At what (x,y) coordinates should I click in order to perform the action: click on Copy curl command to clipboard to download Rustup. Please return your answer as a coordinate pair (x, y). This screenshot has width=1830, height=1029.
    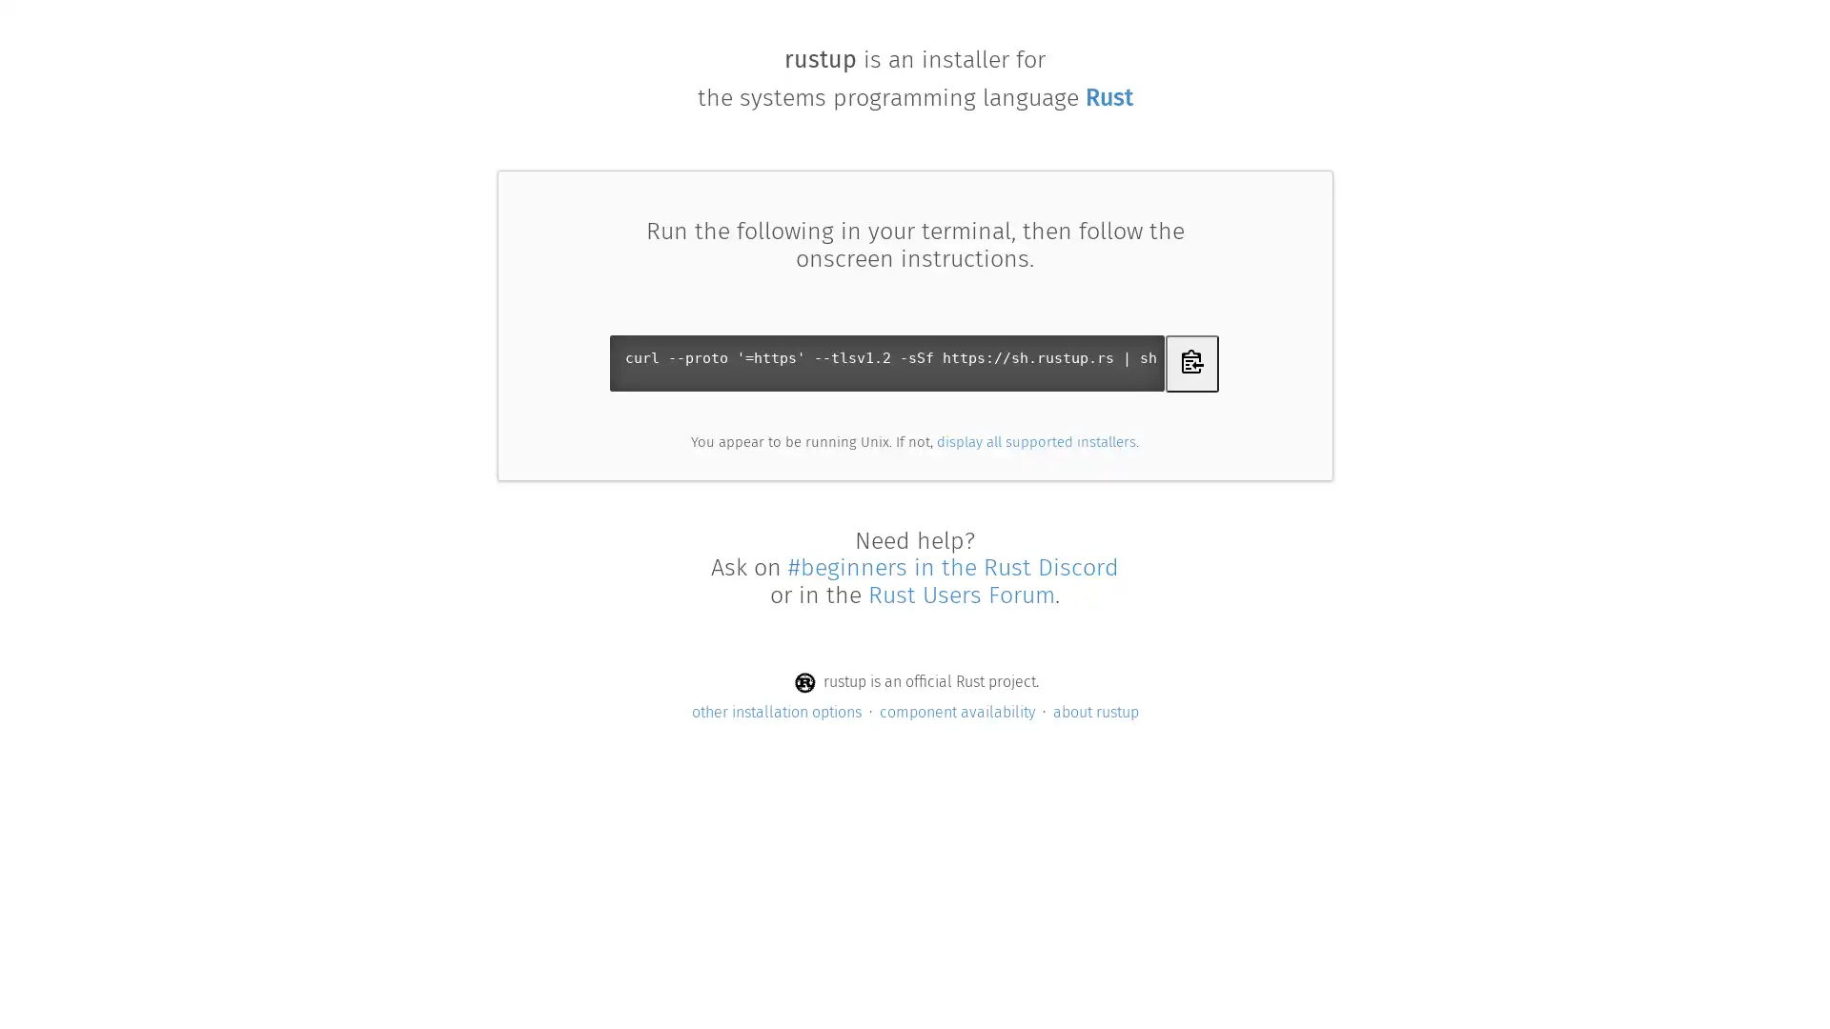
    Looking at the image, I should click on (1191, 363).